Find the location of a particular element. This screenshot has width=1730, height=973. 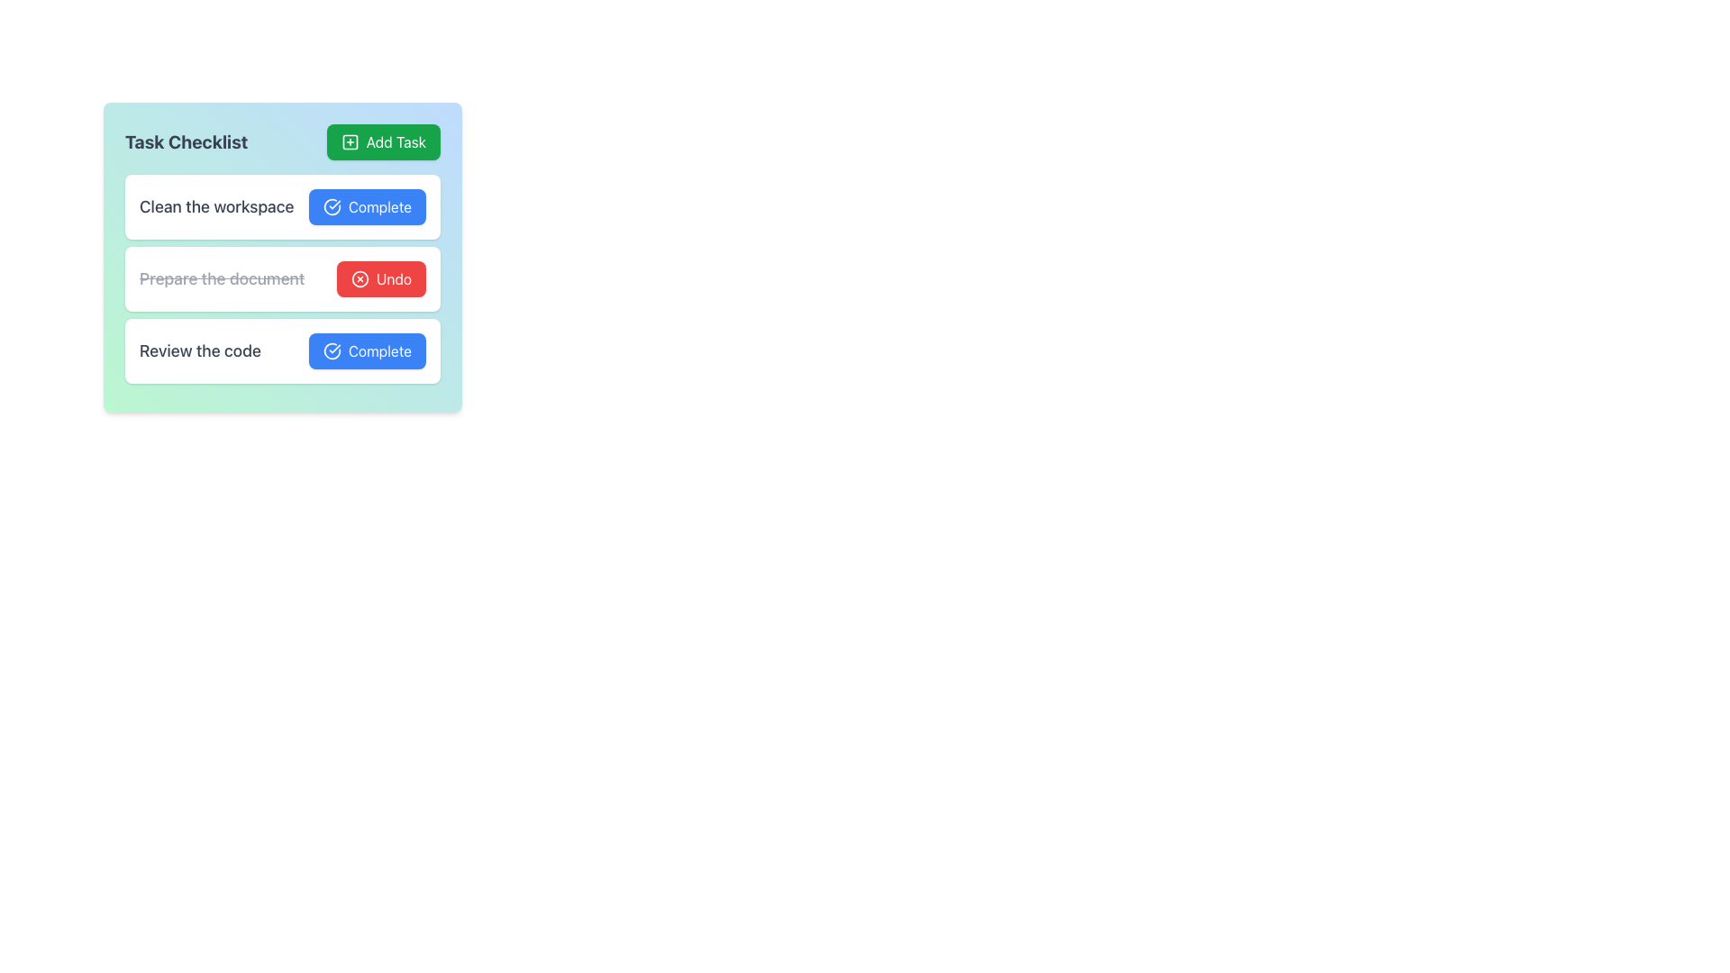

the plus icon inside the green button labeled 'Add Task' is located at coordinates (350, 141).